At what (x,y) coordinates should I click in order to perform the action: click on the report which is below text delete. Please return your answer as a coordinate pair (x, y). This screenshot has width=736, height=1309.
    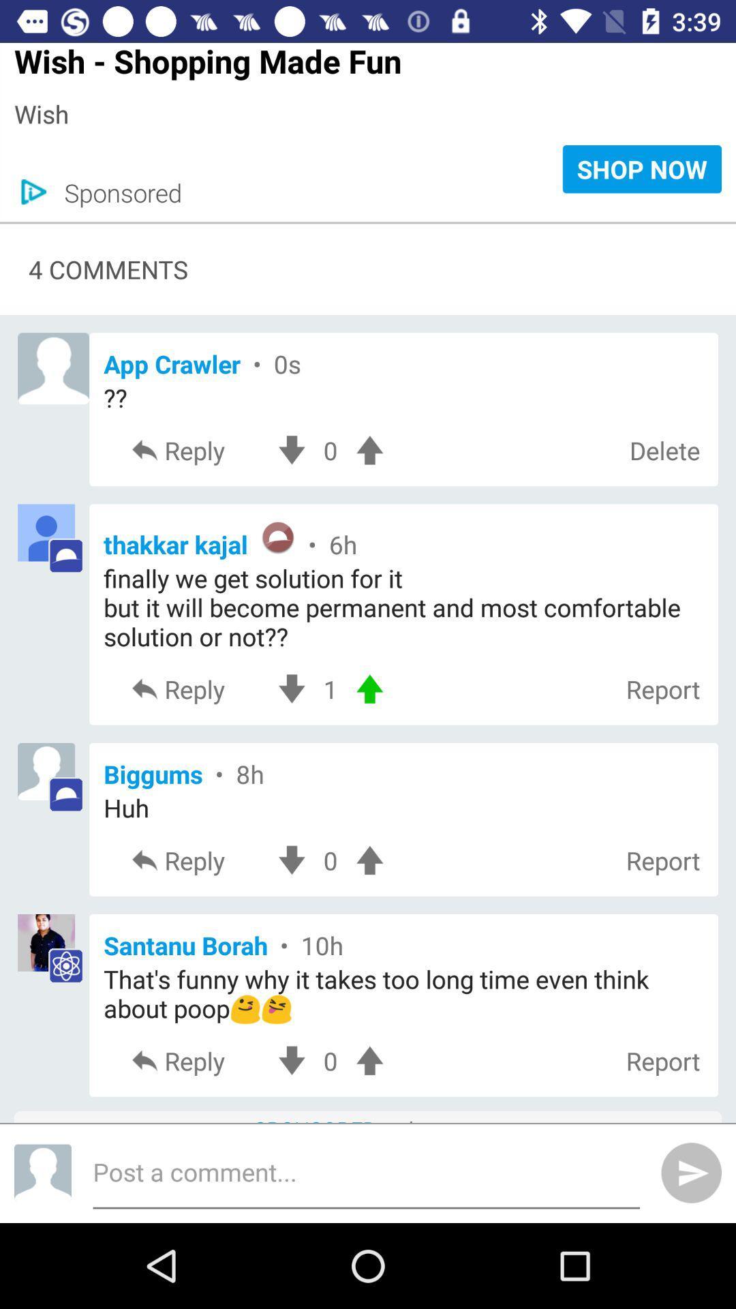
    Looking at the image, I should click on (662, 689).